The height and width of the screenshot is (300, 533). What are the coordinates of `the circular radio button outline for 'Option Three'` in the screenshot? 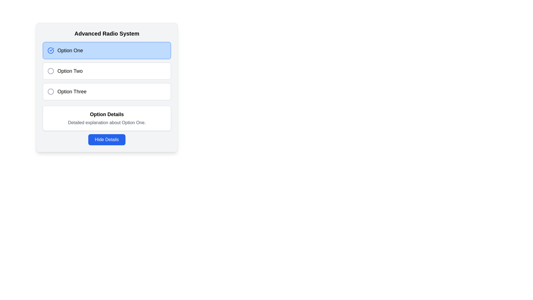 It's located at (51, 91).